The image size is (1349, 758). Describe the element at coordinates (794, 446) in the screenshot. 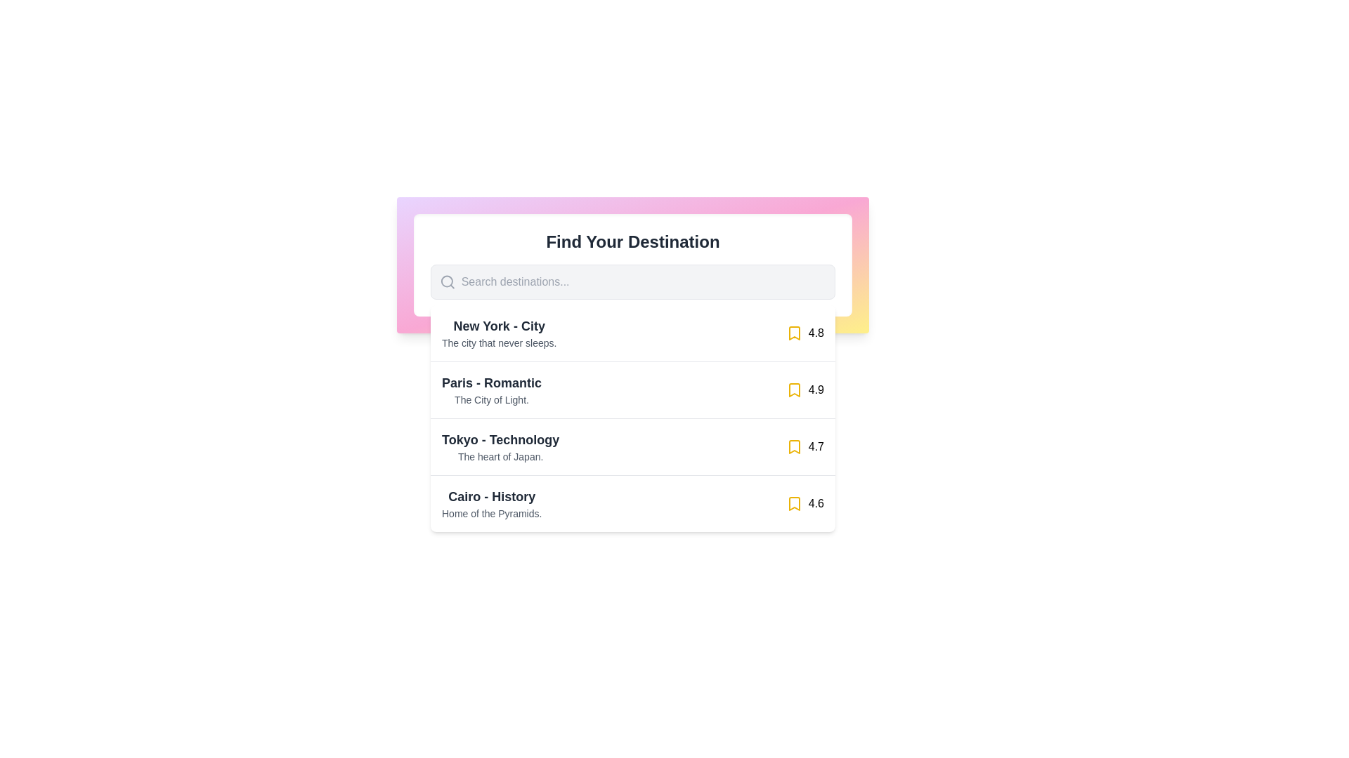

I see `the bookmark icon located next to the 'Tokyo - Technology' entry in the list` at that location.